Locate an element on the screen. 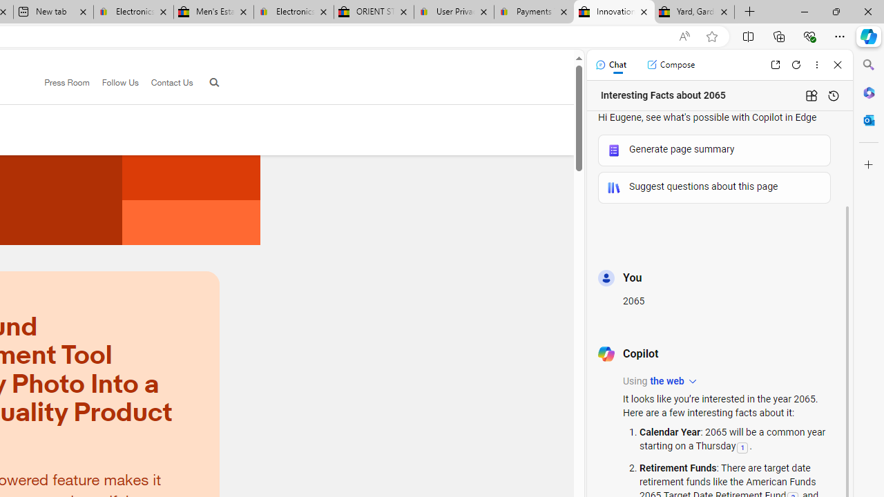 This screenshot has width=884, height=497. 'User Privacy Notice | eBay' is located at coordinates (454, 12).